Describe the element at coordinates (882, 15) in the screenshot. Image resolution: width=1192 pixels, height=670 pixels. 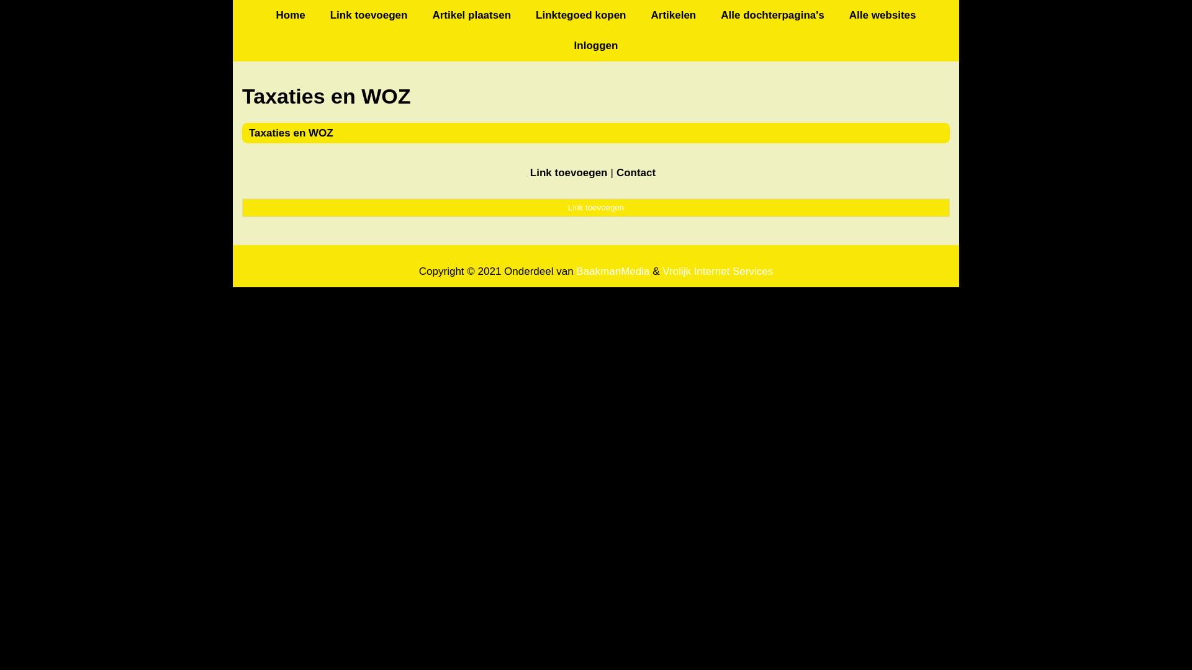
I see `'Alle websites'` at that location.